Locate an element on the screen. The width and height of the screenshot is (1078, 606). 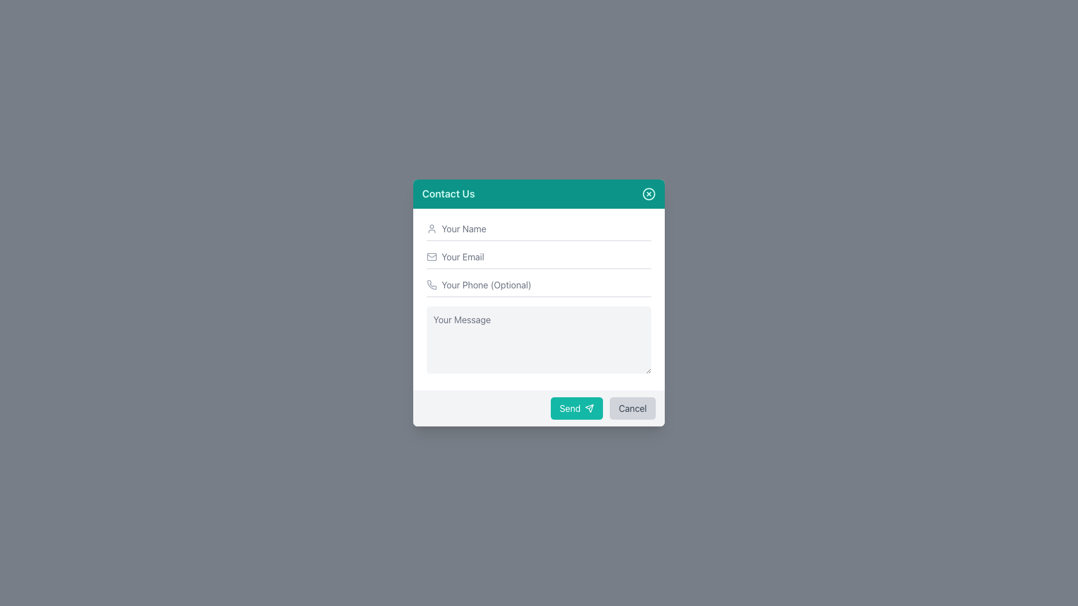
the decorative icon representing the phone number input field in the contact form, located to the left of the placeholder text 'Your Phone (Optional).' is located at coordinates (431, 284).